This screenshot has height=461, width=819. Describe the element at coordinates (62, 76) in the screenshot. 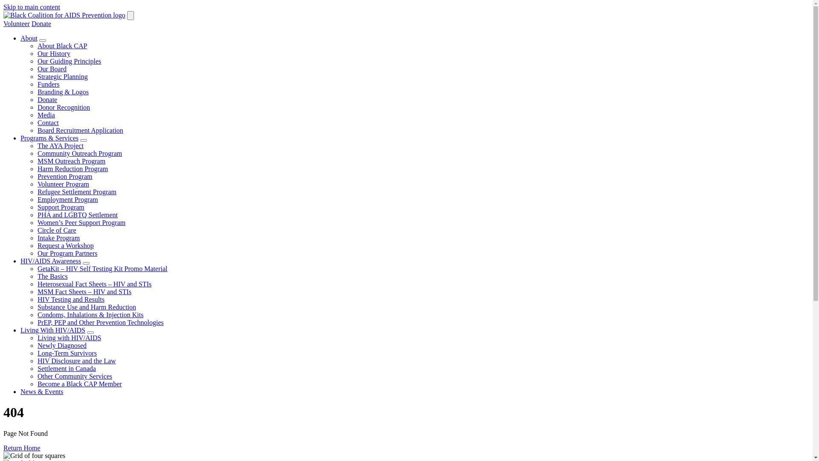

I see `'Strategic Planning'` at that location.